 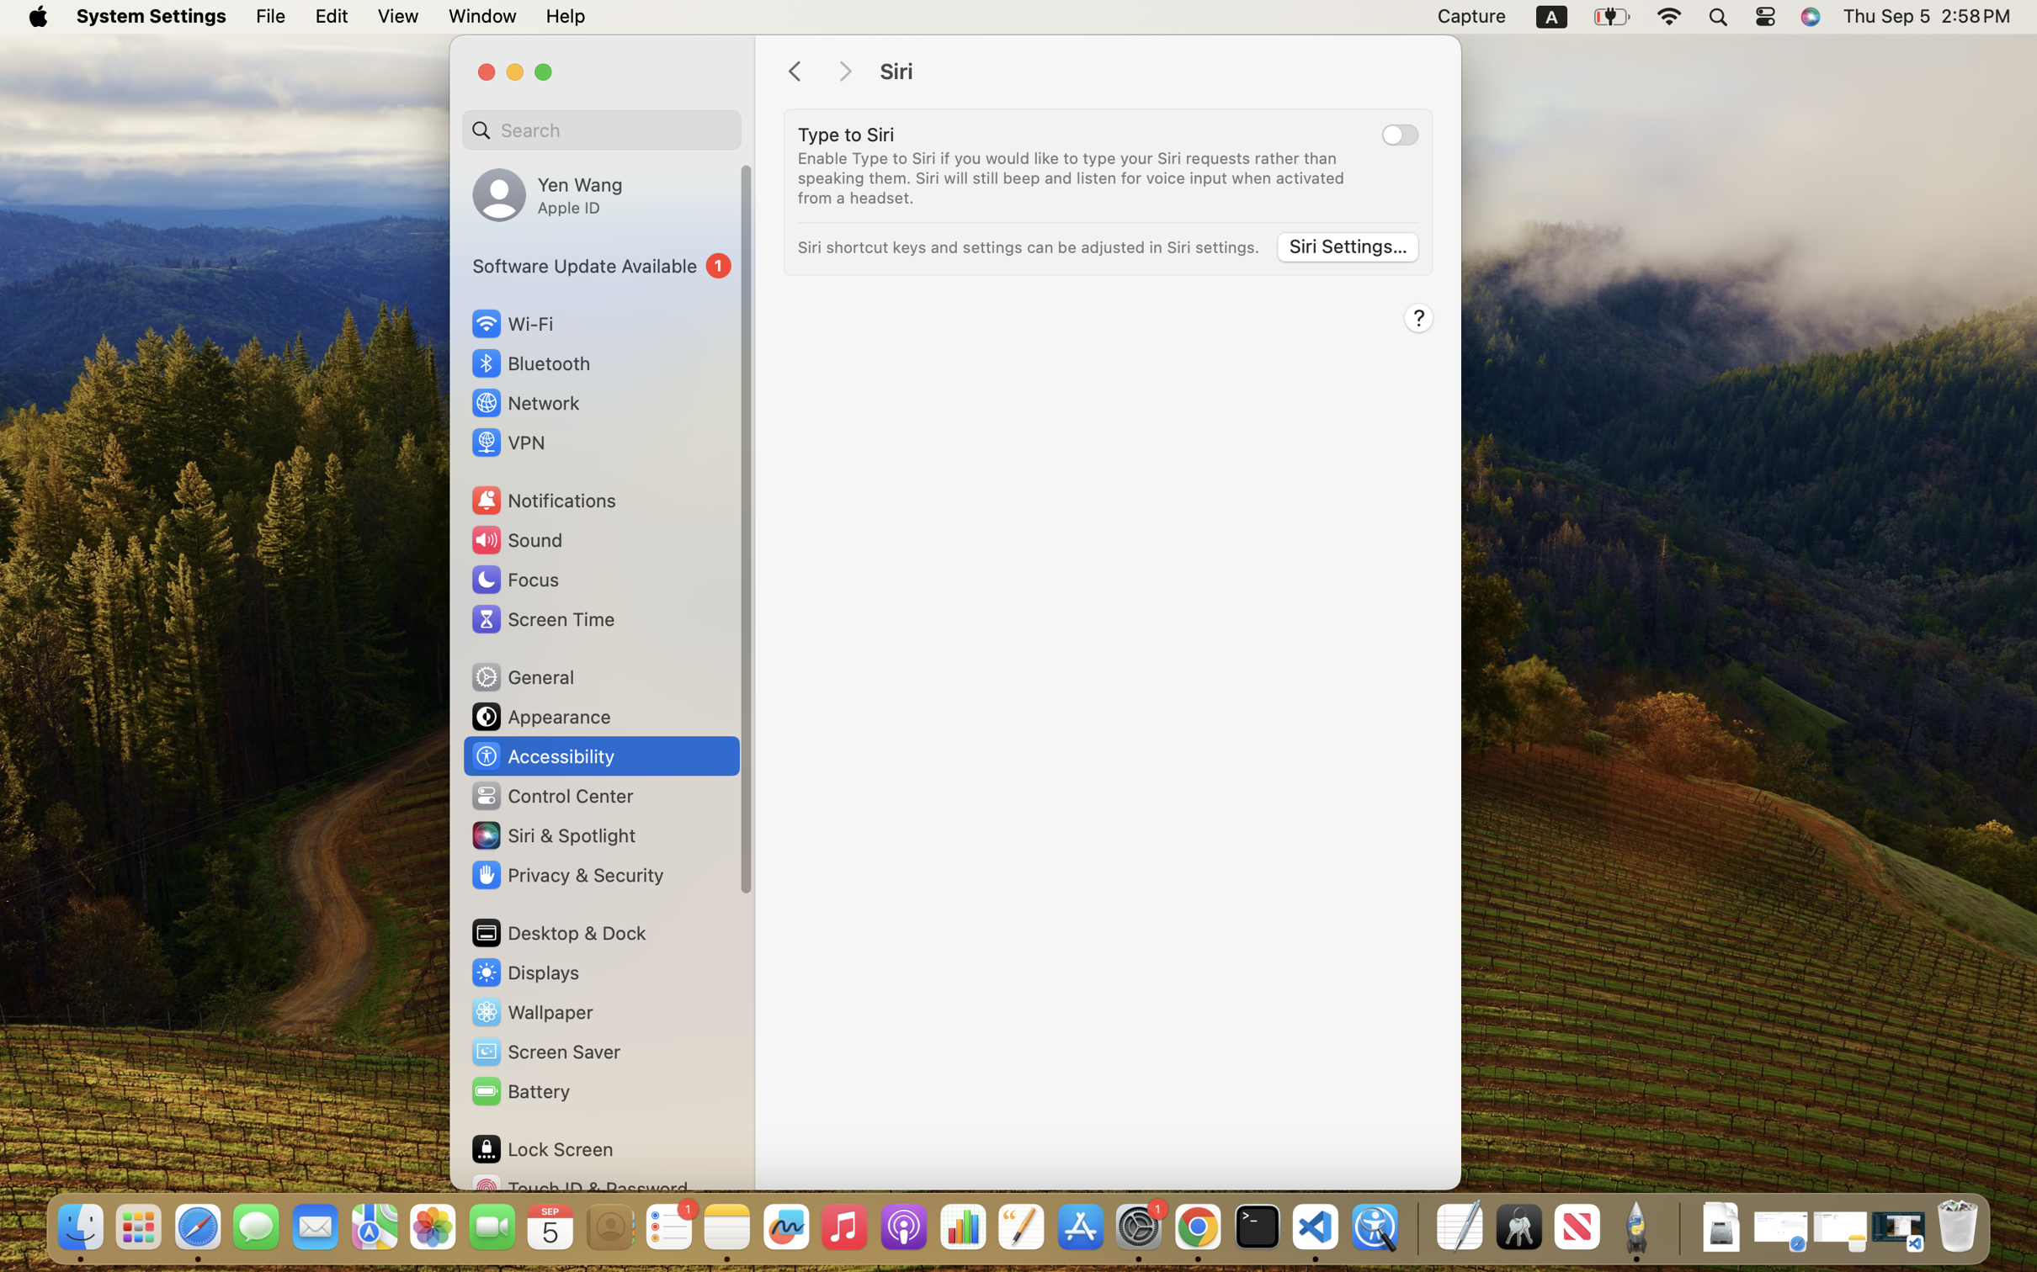 What do you see at coordinates (544, 1052) in the screenshot?
I see `'Screen Saver'` at bounding box center [544, 1052].